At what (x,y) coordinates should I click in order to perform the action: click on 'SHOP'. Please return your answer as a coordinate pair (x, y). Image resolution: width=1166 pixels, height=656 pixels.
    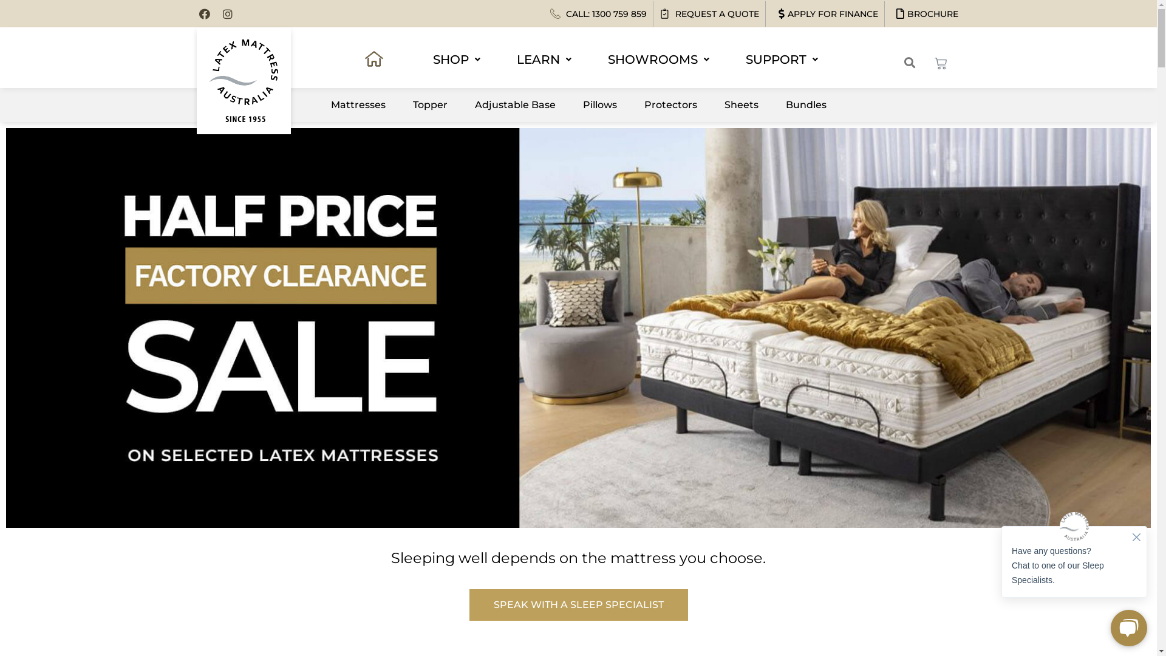
    Looking at the image, I should click on (456, 59).